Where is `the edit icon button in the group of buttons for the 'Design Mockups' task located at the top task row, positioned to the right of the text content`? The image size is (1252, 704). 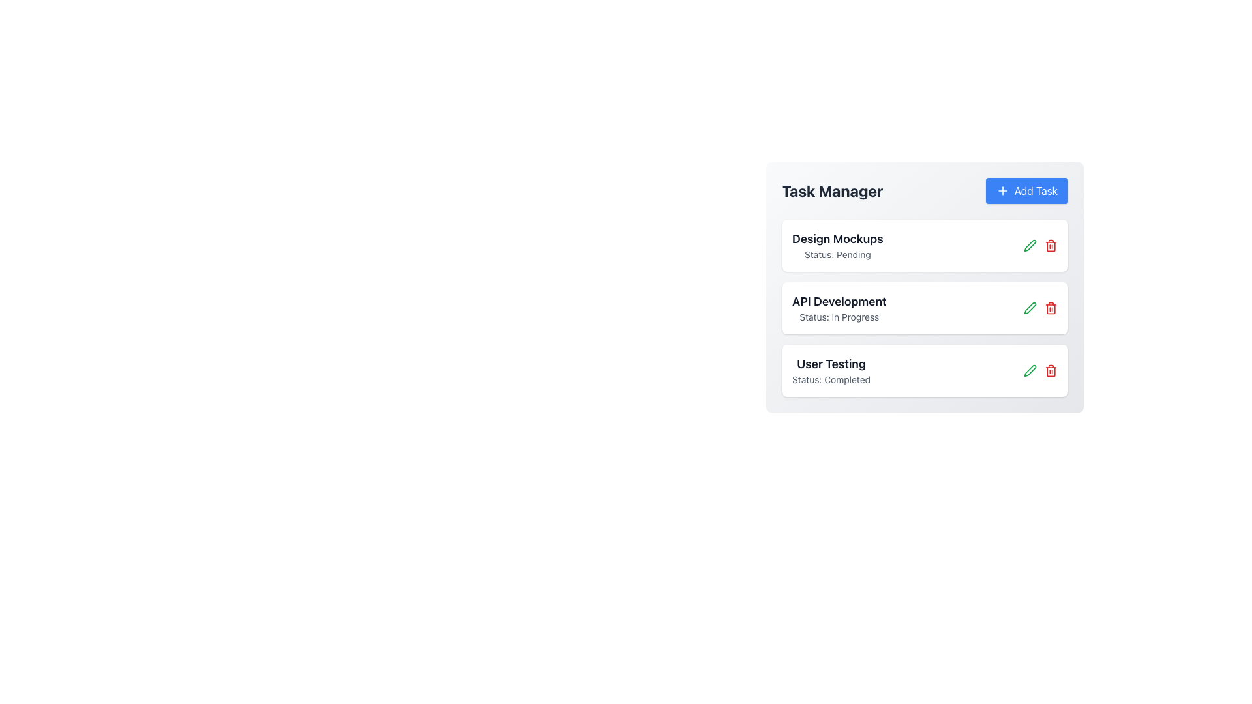
the edit icon button in the group of buttons for the 'Design Mockups' task located at the top task row, positioned to the right of the text content is located at coordinates (1040, 246).